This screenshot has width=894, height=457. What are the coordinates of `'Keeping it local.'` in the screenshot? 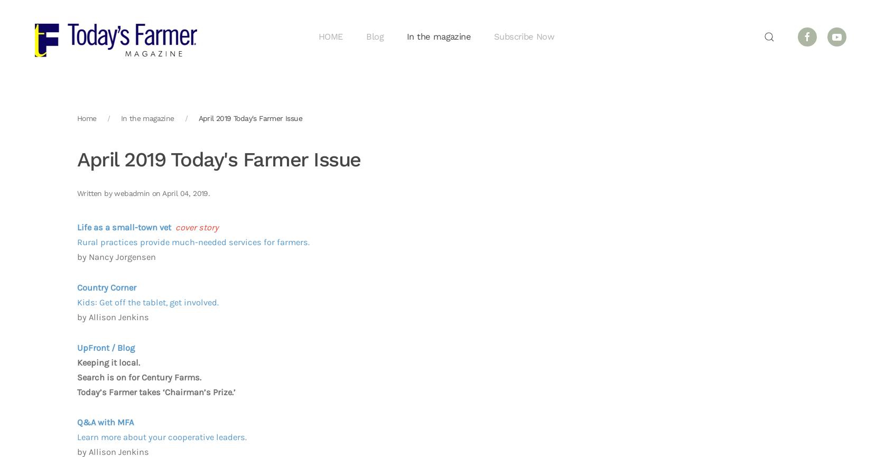 It's located at (108, 362).